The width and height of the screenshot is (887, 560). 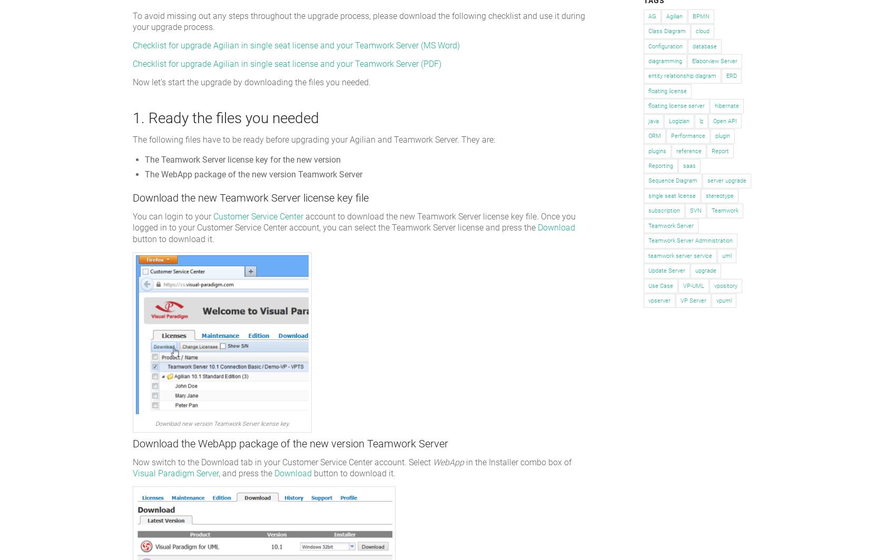 What do you see at coordinates (242, 159) in the screenshot?
I see `'The Teamwork Server license key for the new version'` at bounding box center [242, 159].